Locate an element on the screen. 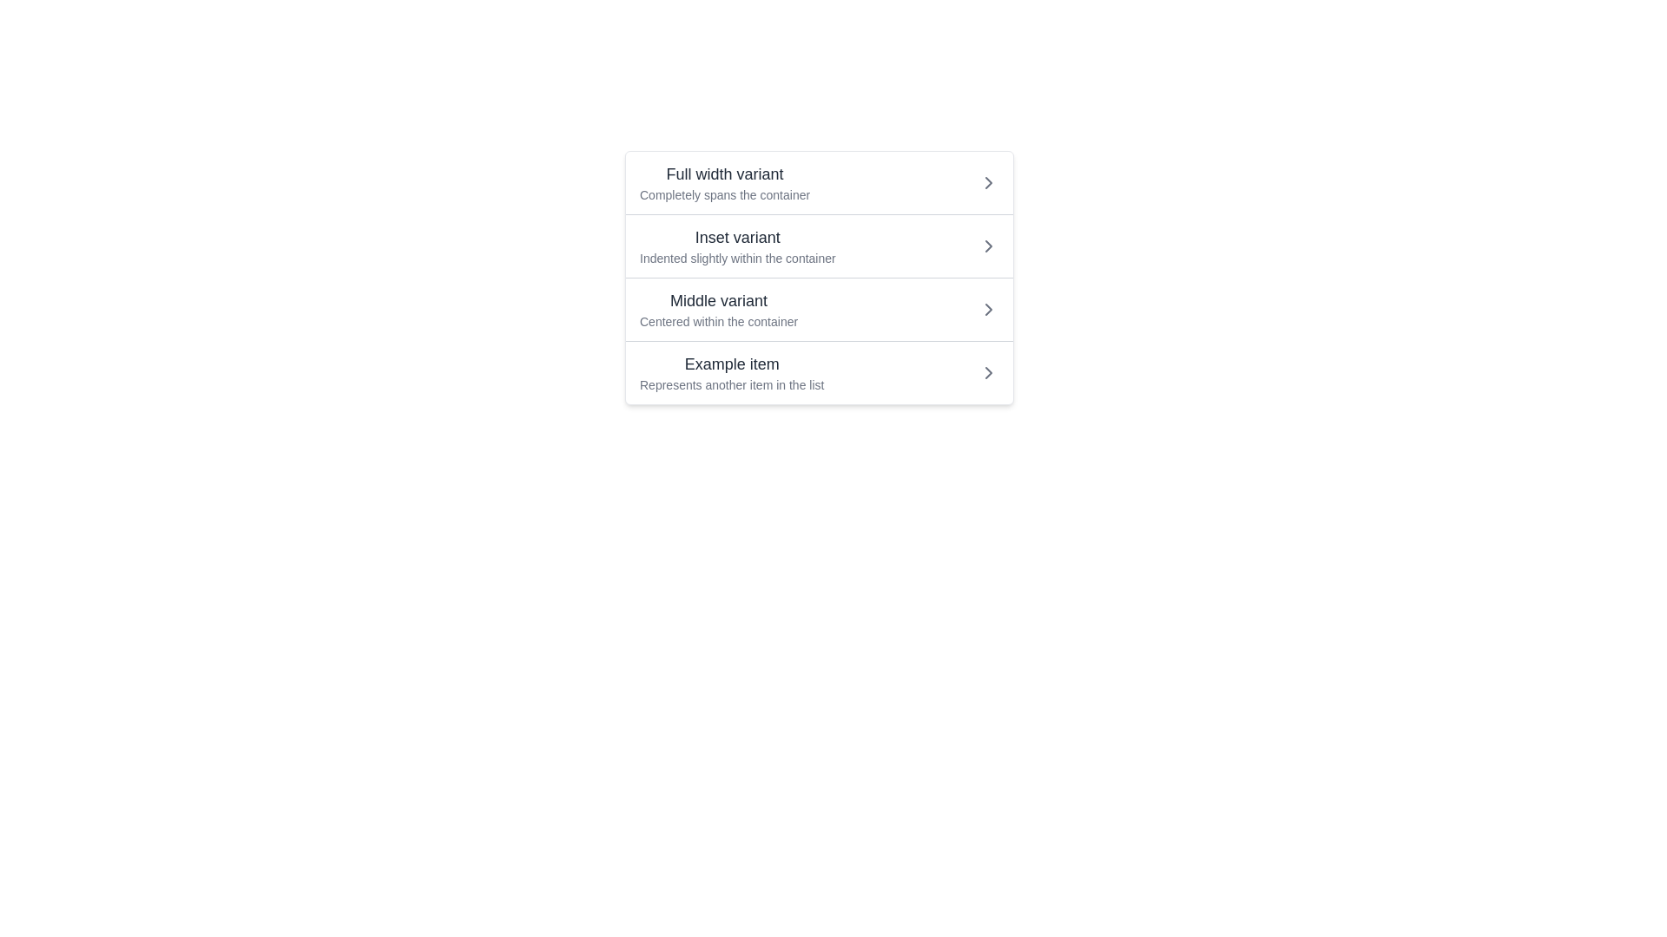 Image resolution: width=1667 pixels, height=937 pixels. the descriptive text label located beneath the 'Full width variant' label in the first section of the stacked layout is located at coordinates (725, 194).